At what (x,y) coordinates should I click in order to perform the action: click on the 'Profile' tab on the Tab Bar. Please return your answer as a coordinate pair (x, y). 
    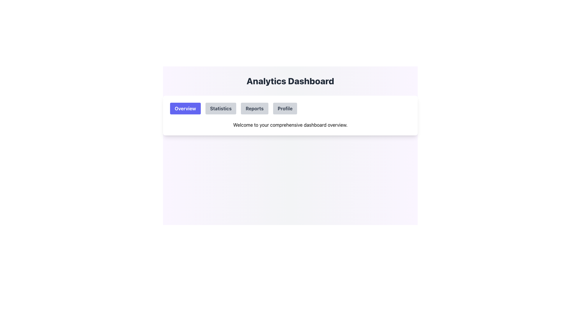
    Looking at the image, I should click on (290, 108).